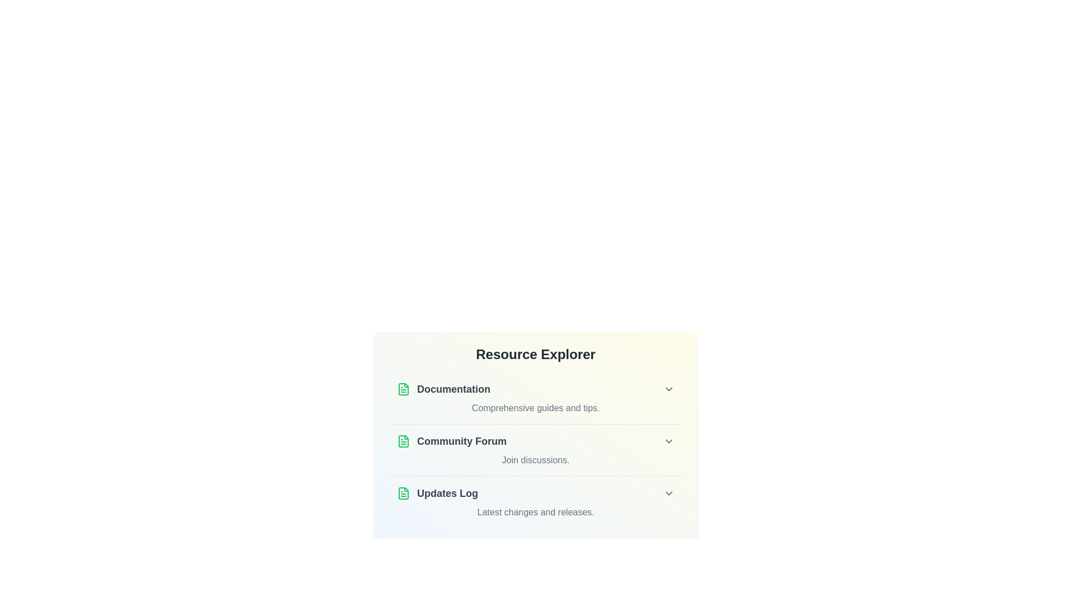 The width and height of the screenshot is (1075, 605). Describe the element at coordinates (535, 440) in the screenshot. I see `the title Community Forum of the list item` at that location.